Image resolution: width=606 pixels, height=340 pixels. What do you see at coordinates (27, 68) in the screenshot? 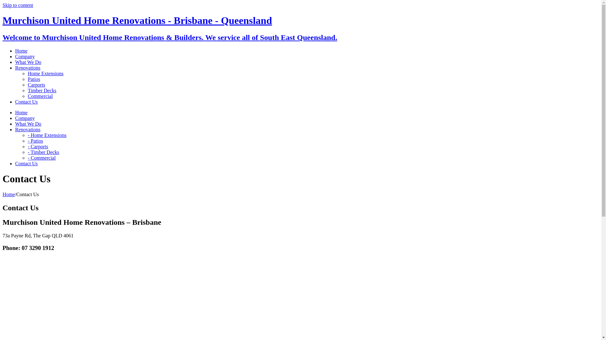
I see `'Renovations'` at bounding box center [27, 68].